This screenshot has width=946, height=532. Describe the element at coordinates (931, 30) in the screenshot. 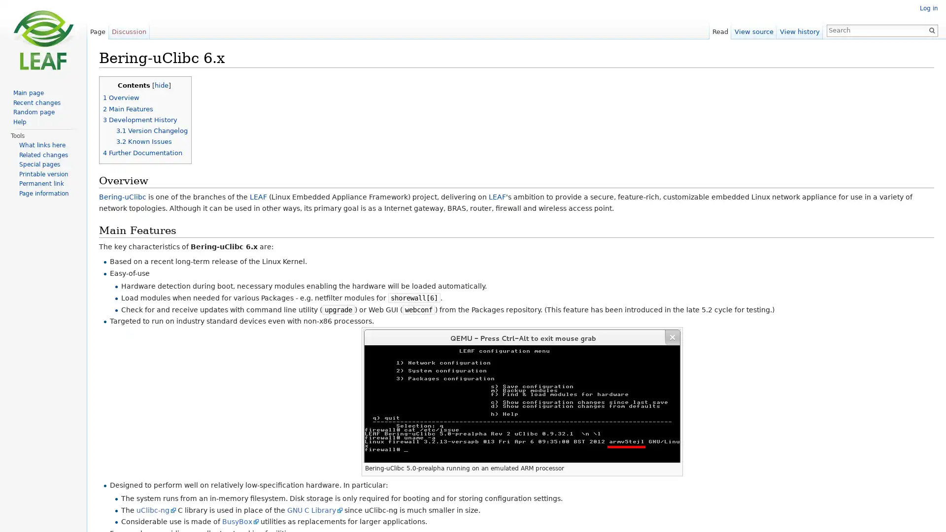

I see `Go` at that location.